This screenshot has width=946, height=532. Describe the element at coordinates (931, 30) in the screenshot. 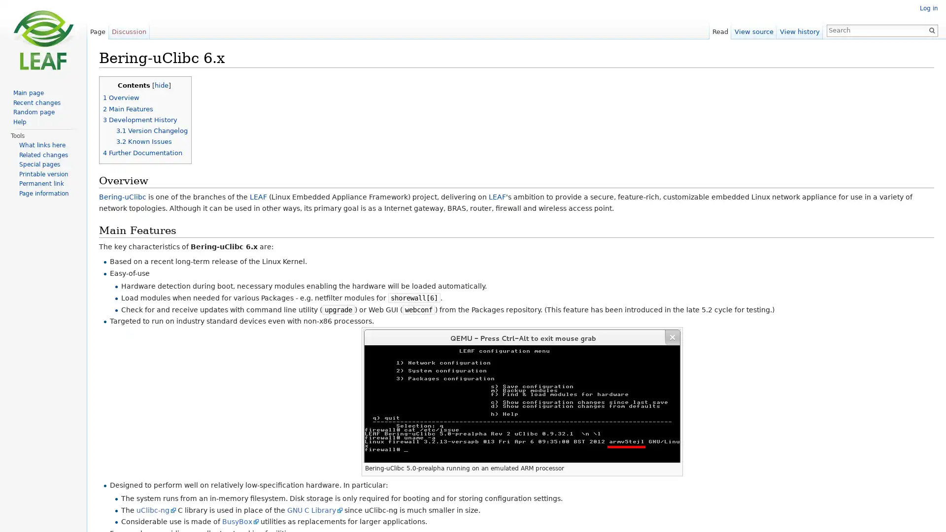

I see `Go` at that location.